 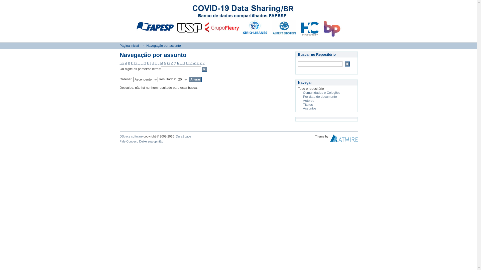 I want to click on 'R', so click(x=177, y=63).